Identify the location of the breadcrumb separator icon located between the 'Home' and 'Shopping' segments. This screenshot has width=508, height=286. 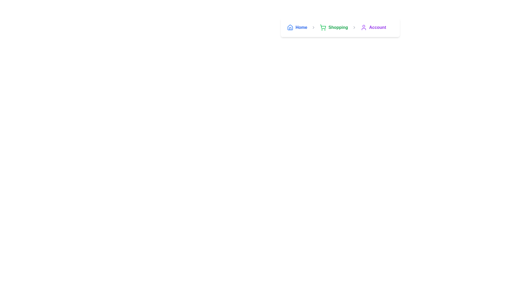
(314, 28).